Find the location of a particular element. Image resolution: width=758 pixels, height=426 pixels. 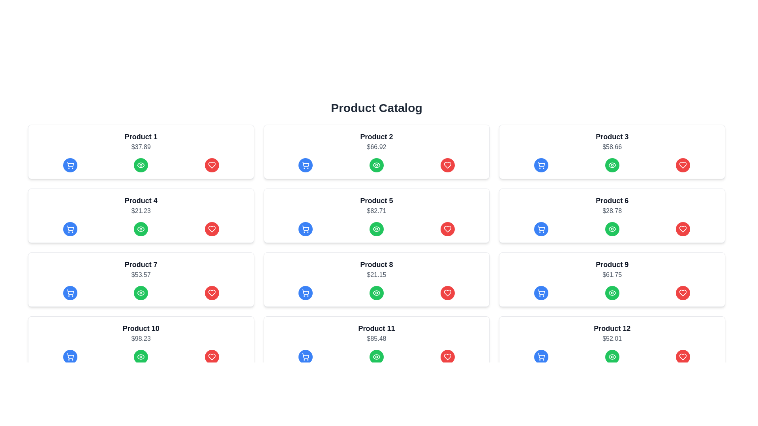

the heart icon located in the second product card ('Product 2') in the first row of the product catalog is located at coordinates (447, 165).